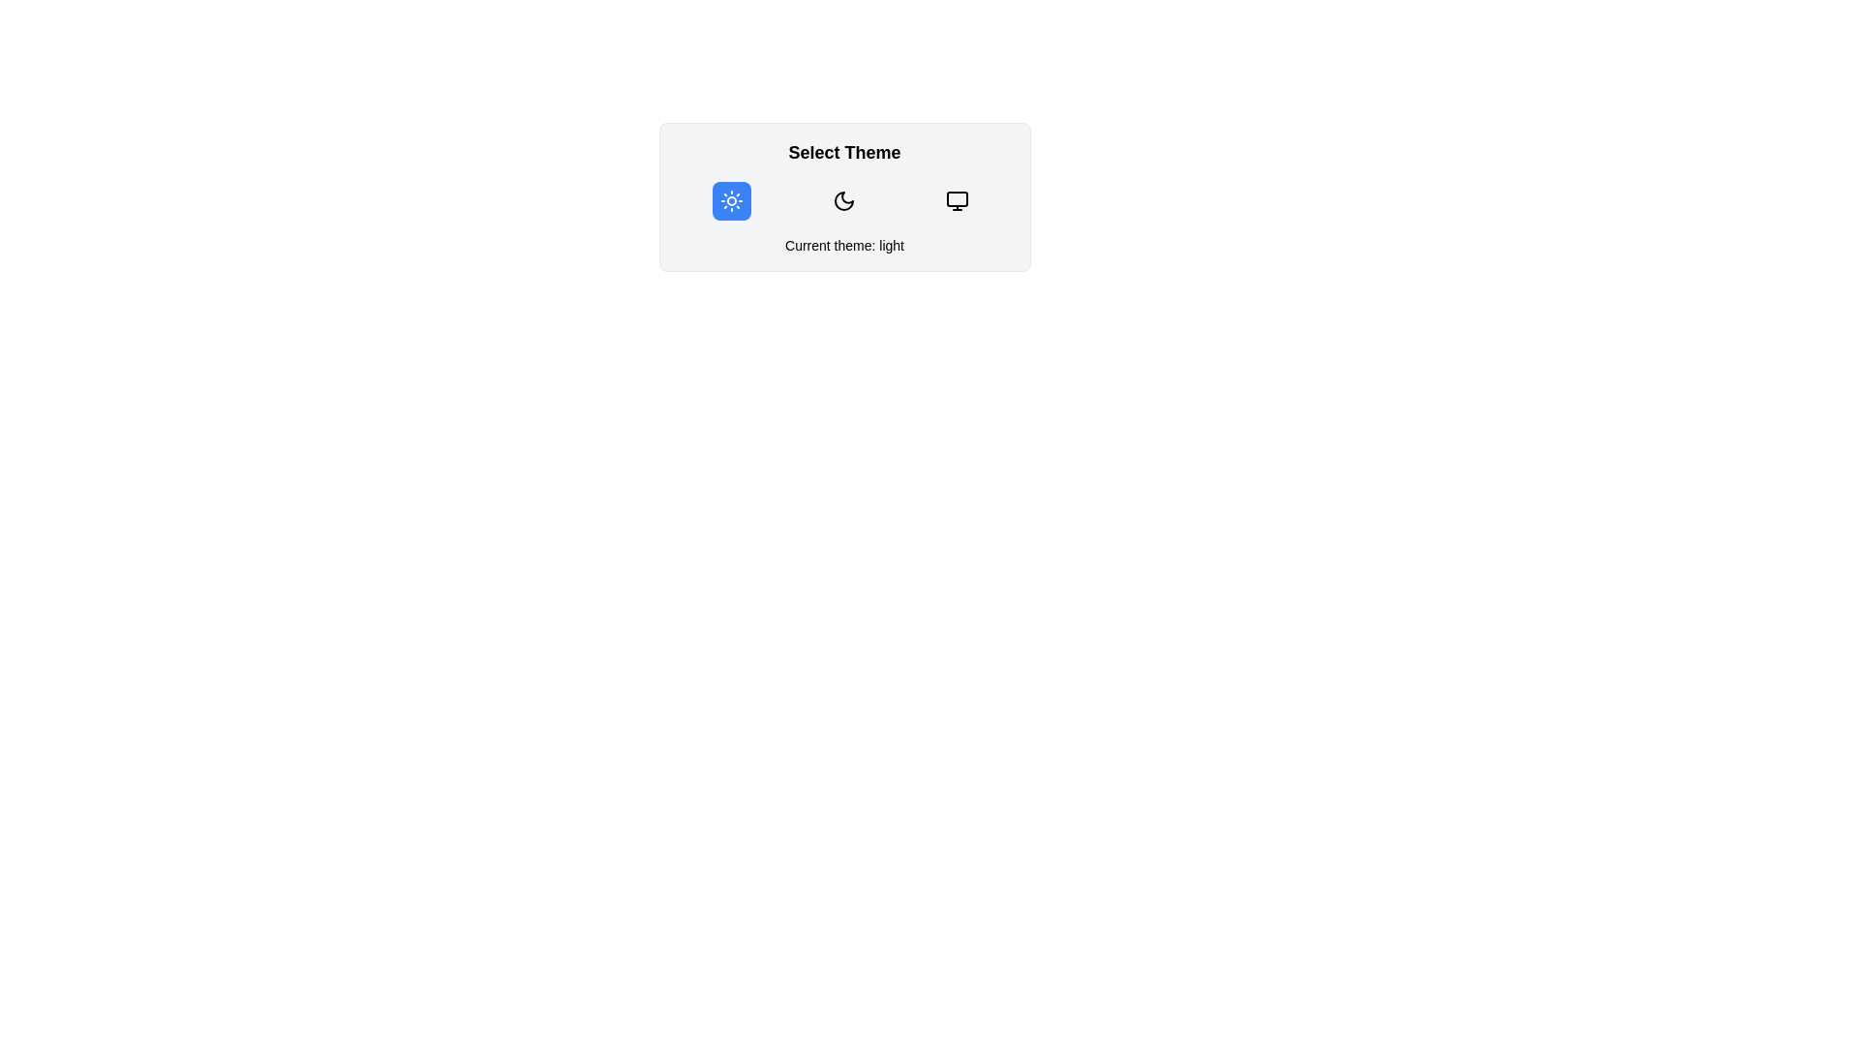  I want to click on the Icon component representing the monitor in the theme selection options, which is the third icon in the row, so click(958, 198).